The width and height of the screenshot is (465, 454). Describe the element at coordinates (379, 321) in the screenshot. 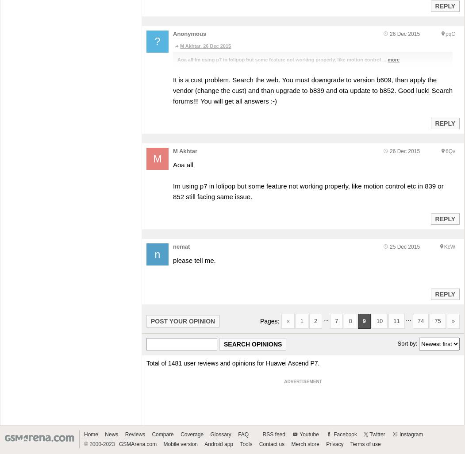

I see `'10'` at that location.